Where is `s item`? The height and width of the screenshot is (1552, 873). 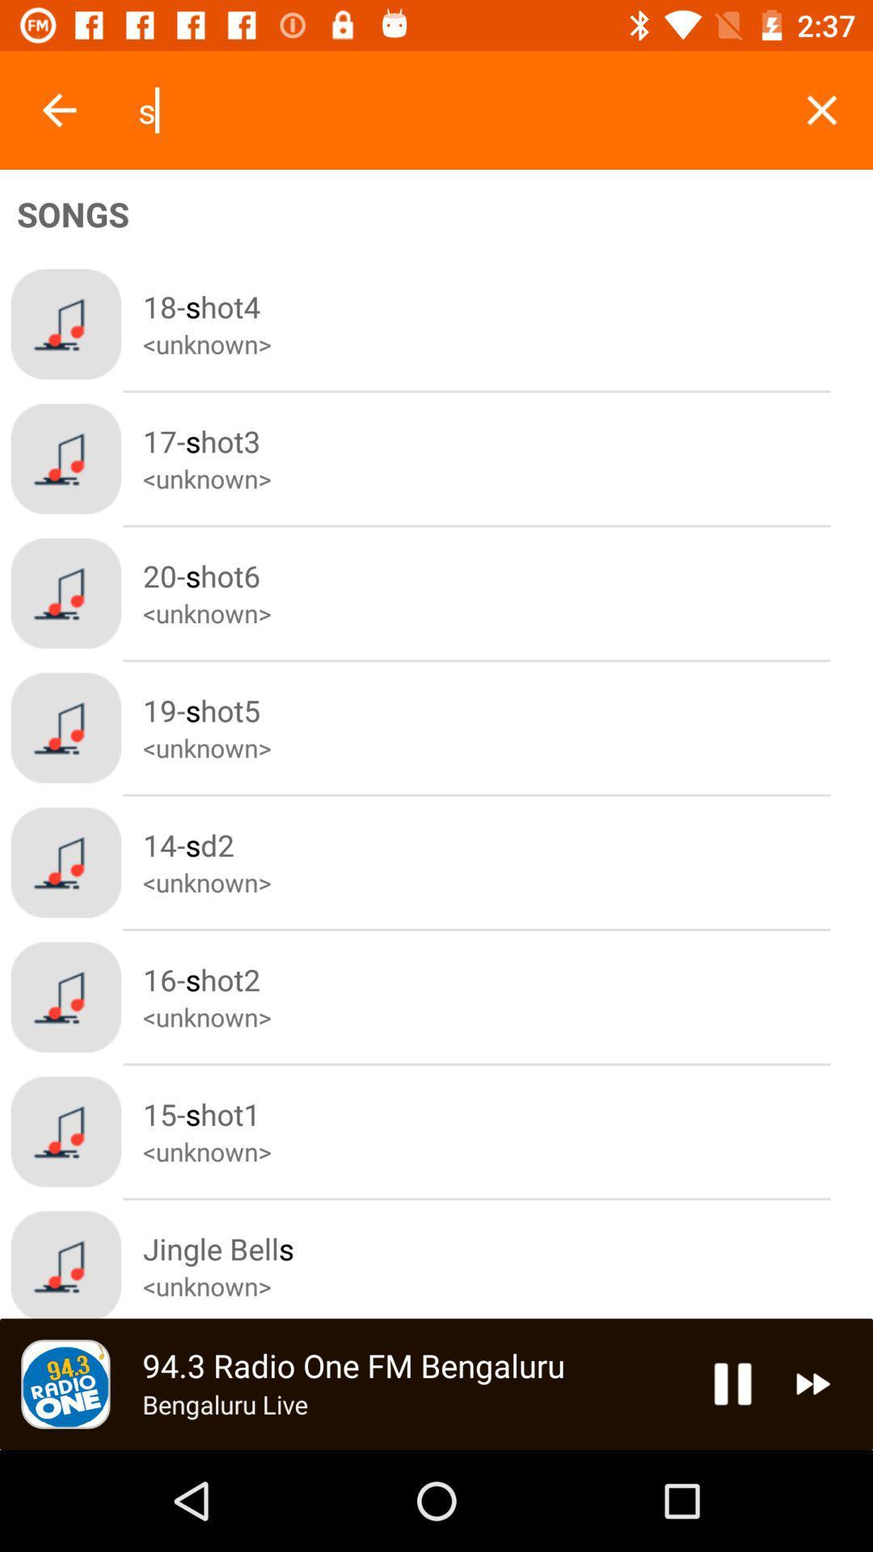 s item is located at coordinates (453, 109).